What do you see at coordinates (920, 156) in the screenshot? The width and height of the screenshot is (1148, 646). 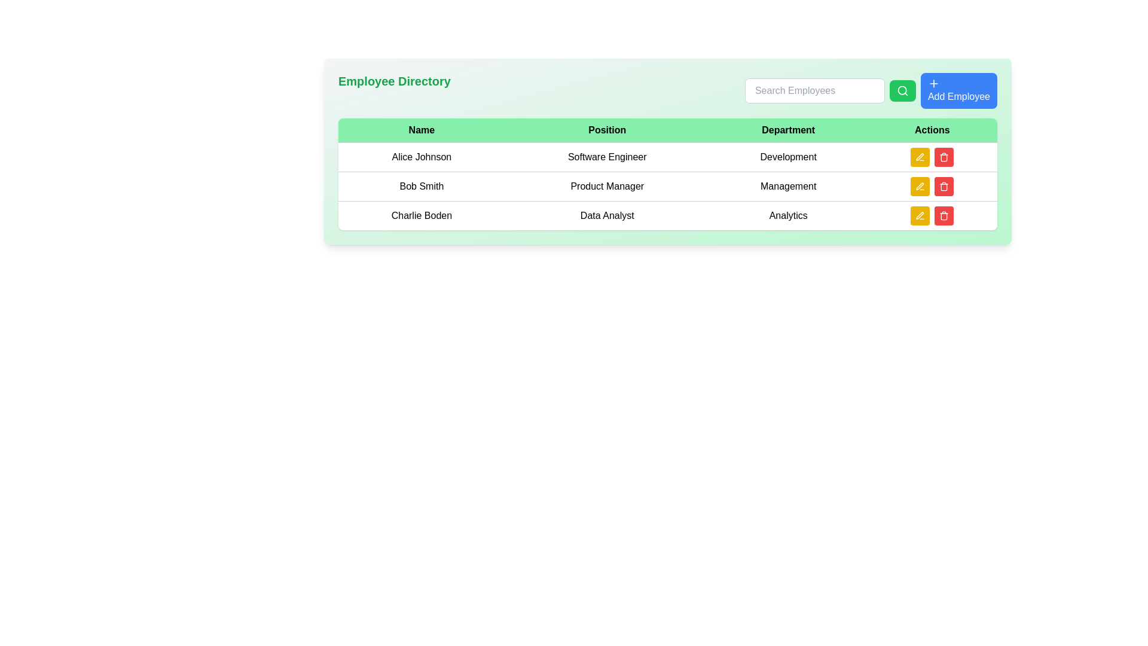 I see `the yellow button with round corners and a white pen icon, which is the first button in the 'Actions' column of the first row in the table` at bounding box center [920, 156].